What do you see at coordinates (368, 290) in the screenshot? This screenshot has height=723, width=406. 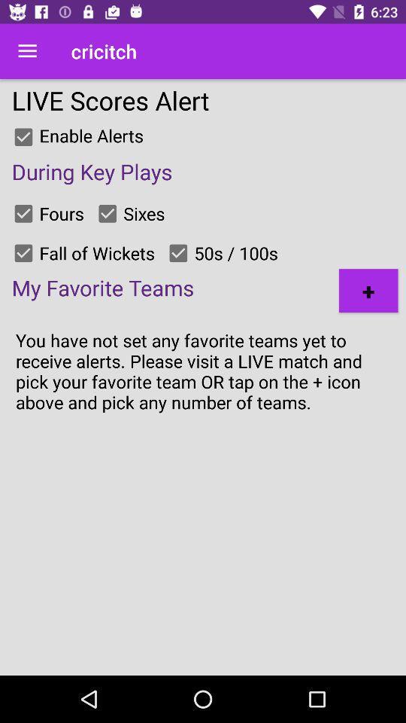 I see `the item below the during key plays` at bounding box center [368, 290].